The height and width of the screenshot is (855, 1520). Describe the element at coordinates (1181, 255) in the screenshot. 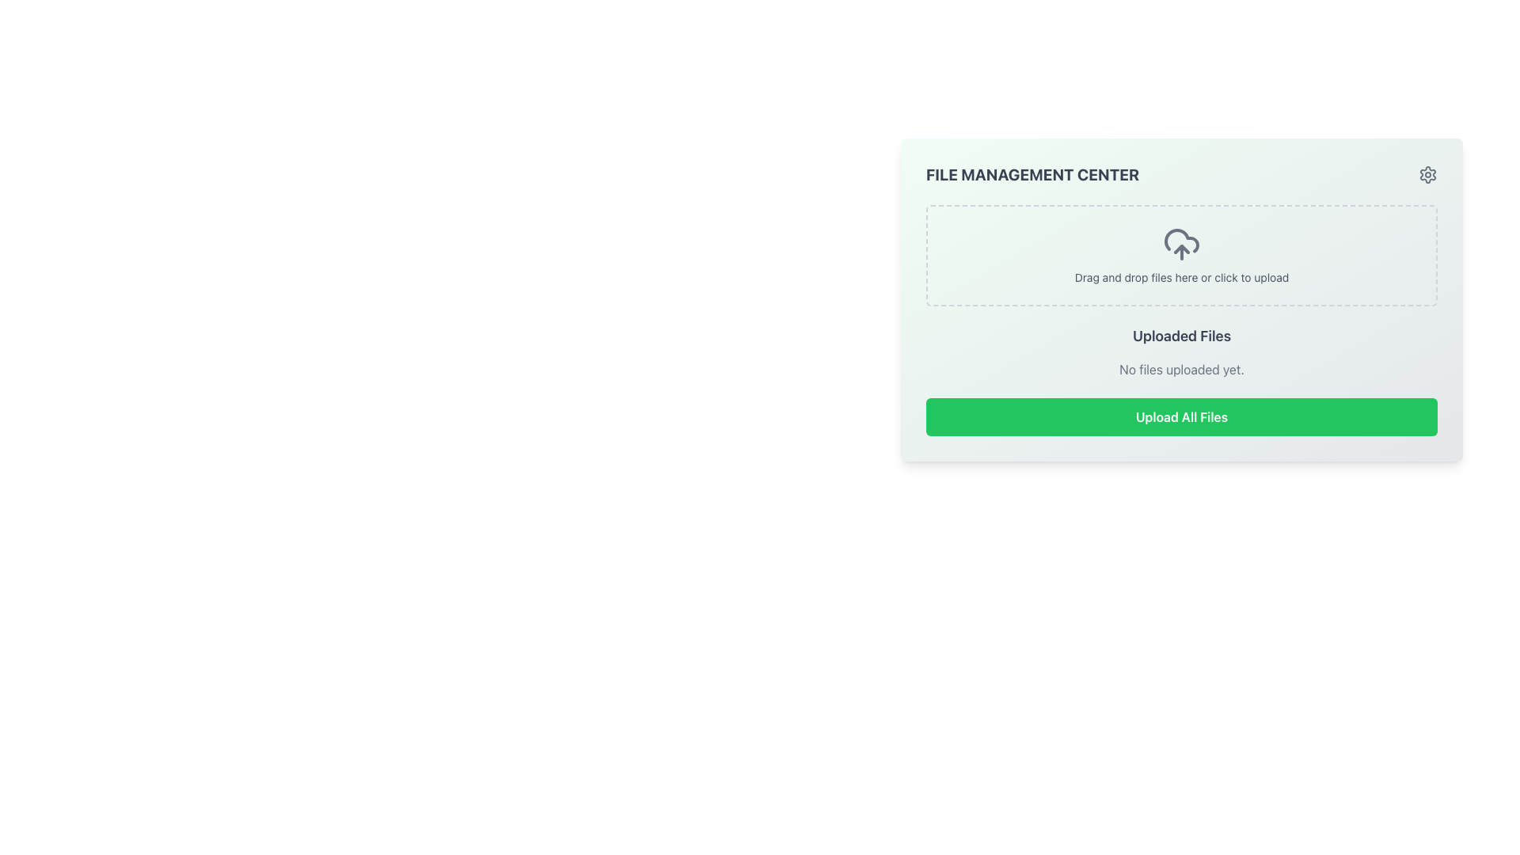

I see `and drop files into the file input field located at the center of the file upload zone marked with dashed borders` at that location.